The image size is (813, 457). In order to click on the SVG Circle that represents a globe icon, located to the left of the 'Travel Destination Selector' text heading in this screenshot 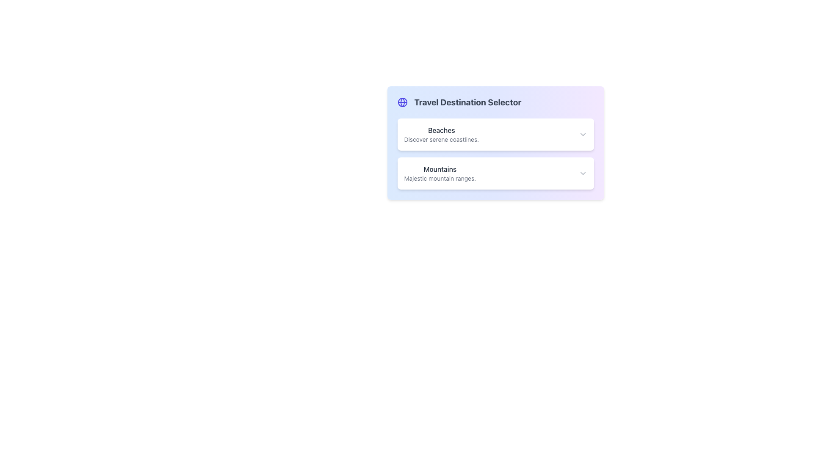, I will do `click(402, 102)`.